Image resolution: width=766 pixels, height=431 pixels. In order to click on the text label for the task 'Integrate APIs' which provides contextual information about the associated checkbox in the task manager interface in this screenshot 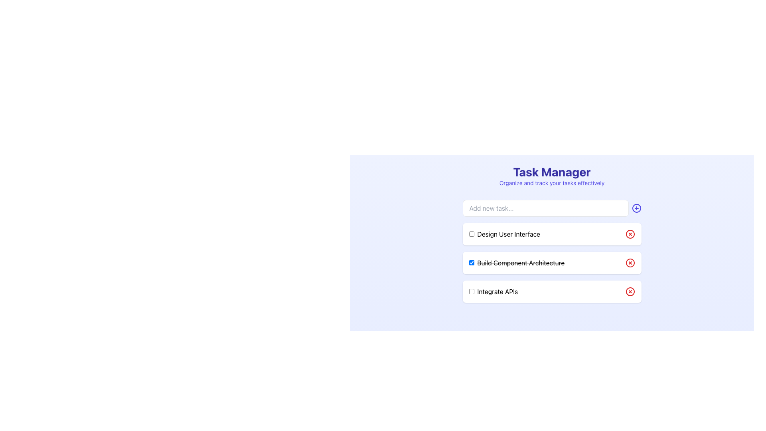, I will do `click(493, 292)`.